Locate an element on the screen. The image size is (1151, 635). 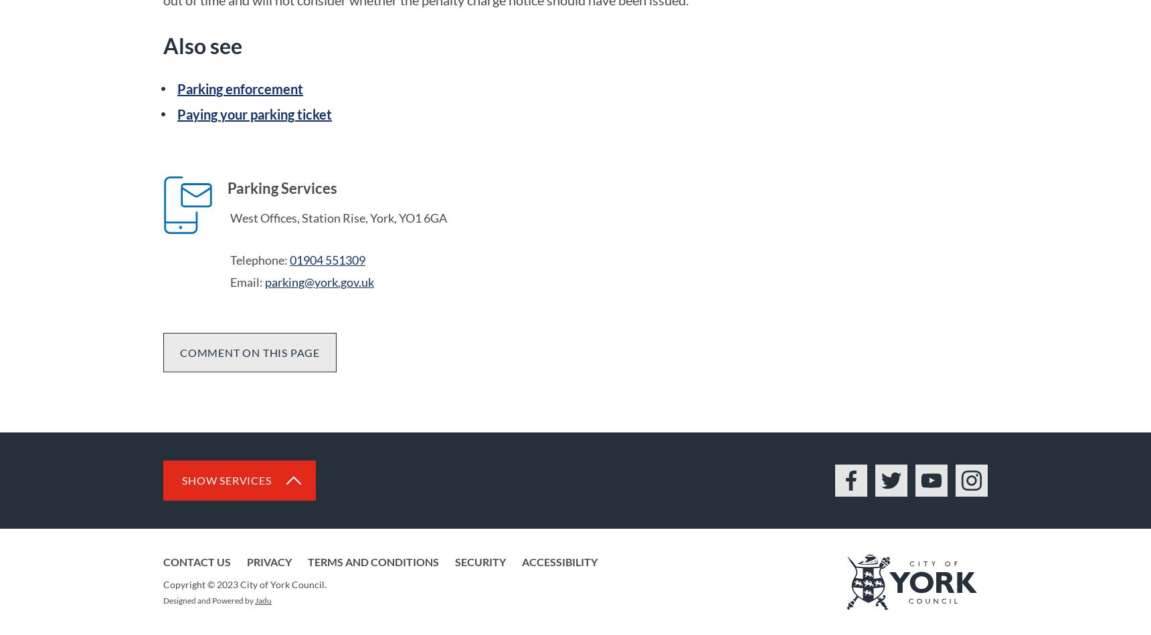
'Parking enforcement' is located at coordinates (239, 89).